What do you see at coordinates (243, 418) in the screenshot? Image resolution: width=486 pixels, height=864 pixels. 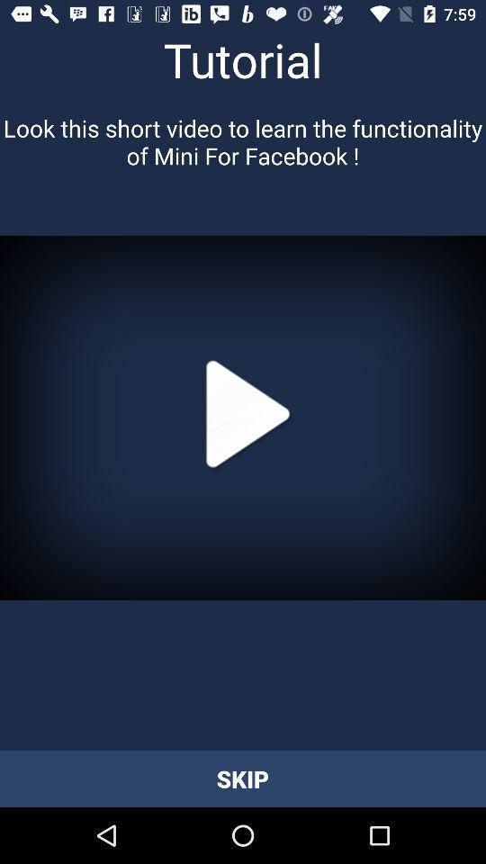 I see `item below look this short item` at bounding box center [243, 418].